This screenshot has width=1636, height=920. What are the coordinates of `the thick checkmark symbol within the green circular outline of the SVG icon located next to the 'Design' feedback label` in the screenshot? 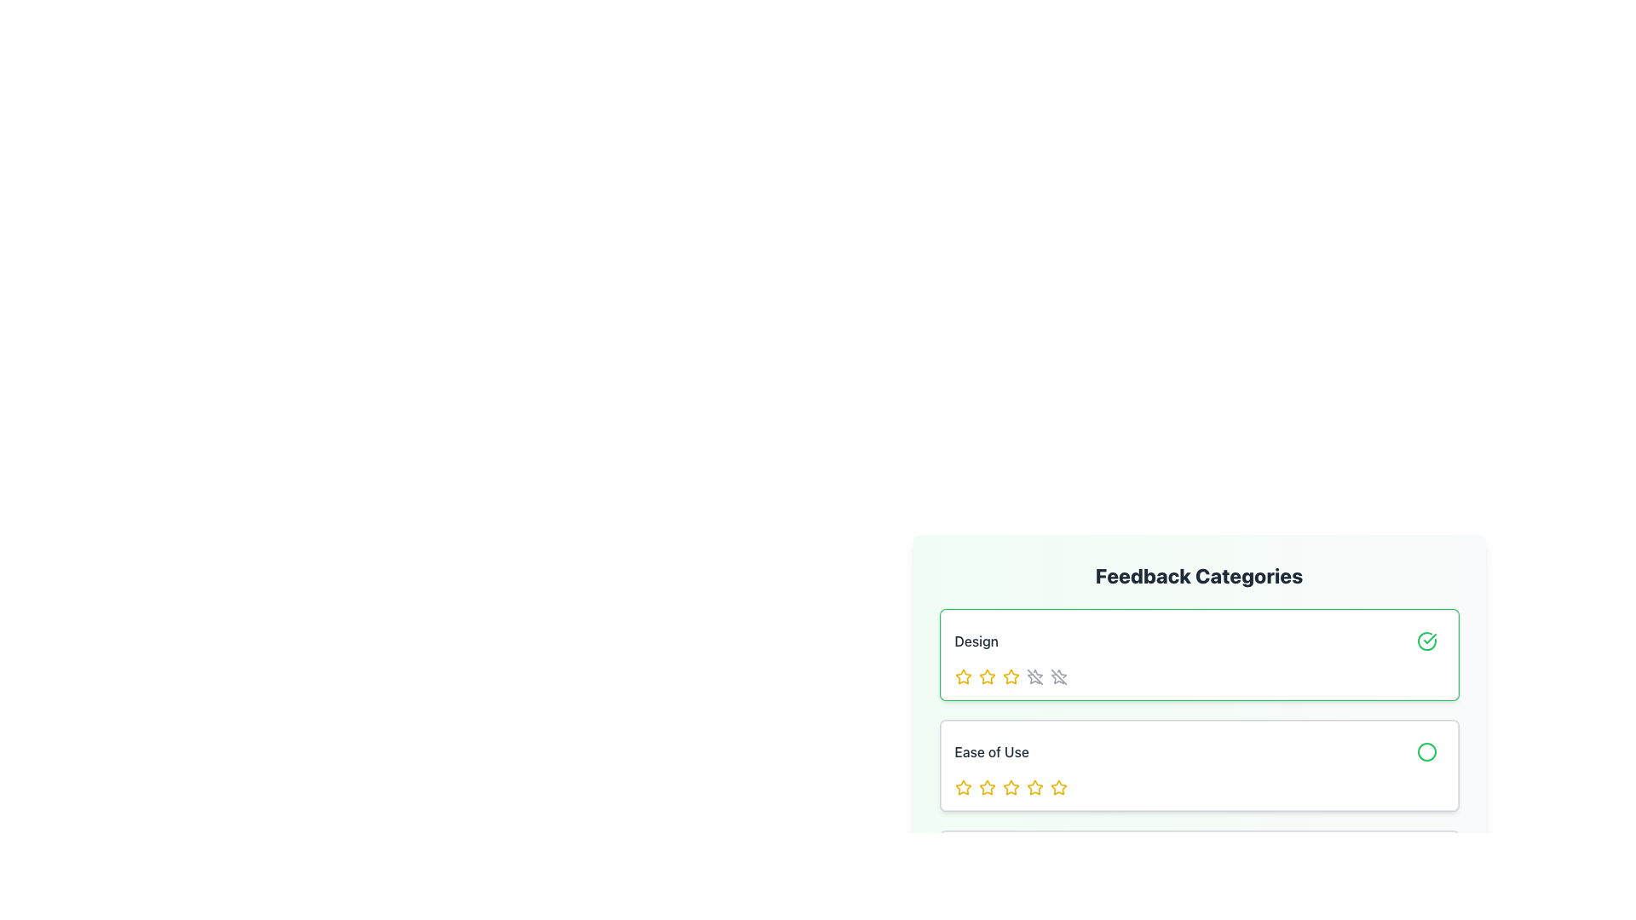 It's located at (1430, 638).